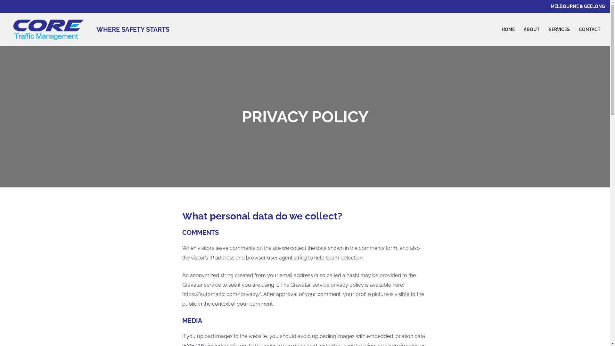  What do you see at coordinates (508, 29) in the screenshot?
I see `'HOME'` at bounding box center [508, 29].